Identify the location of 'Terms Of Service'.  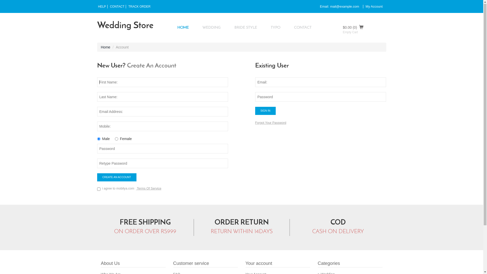
(148, 189).